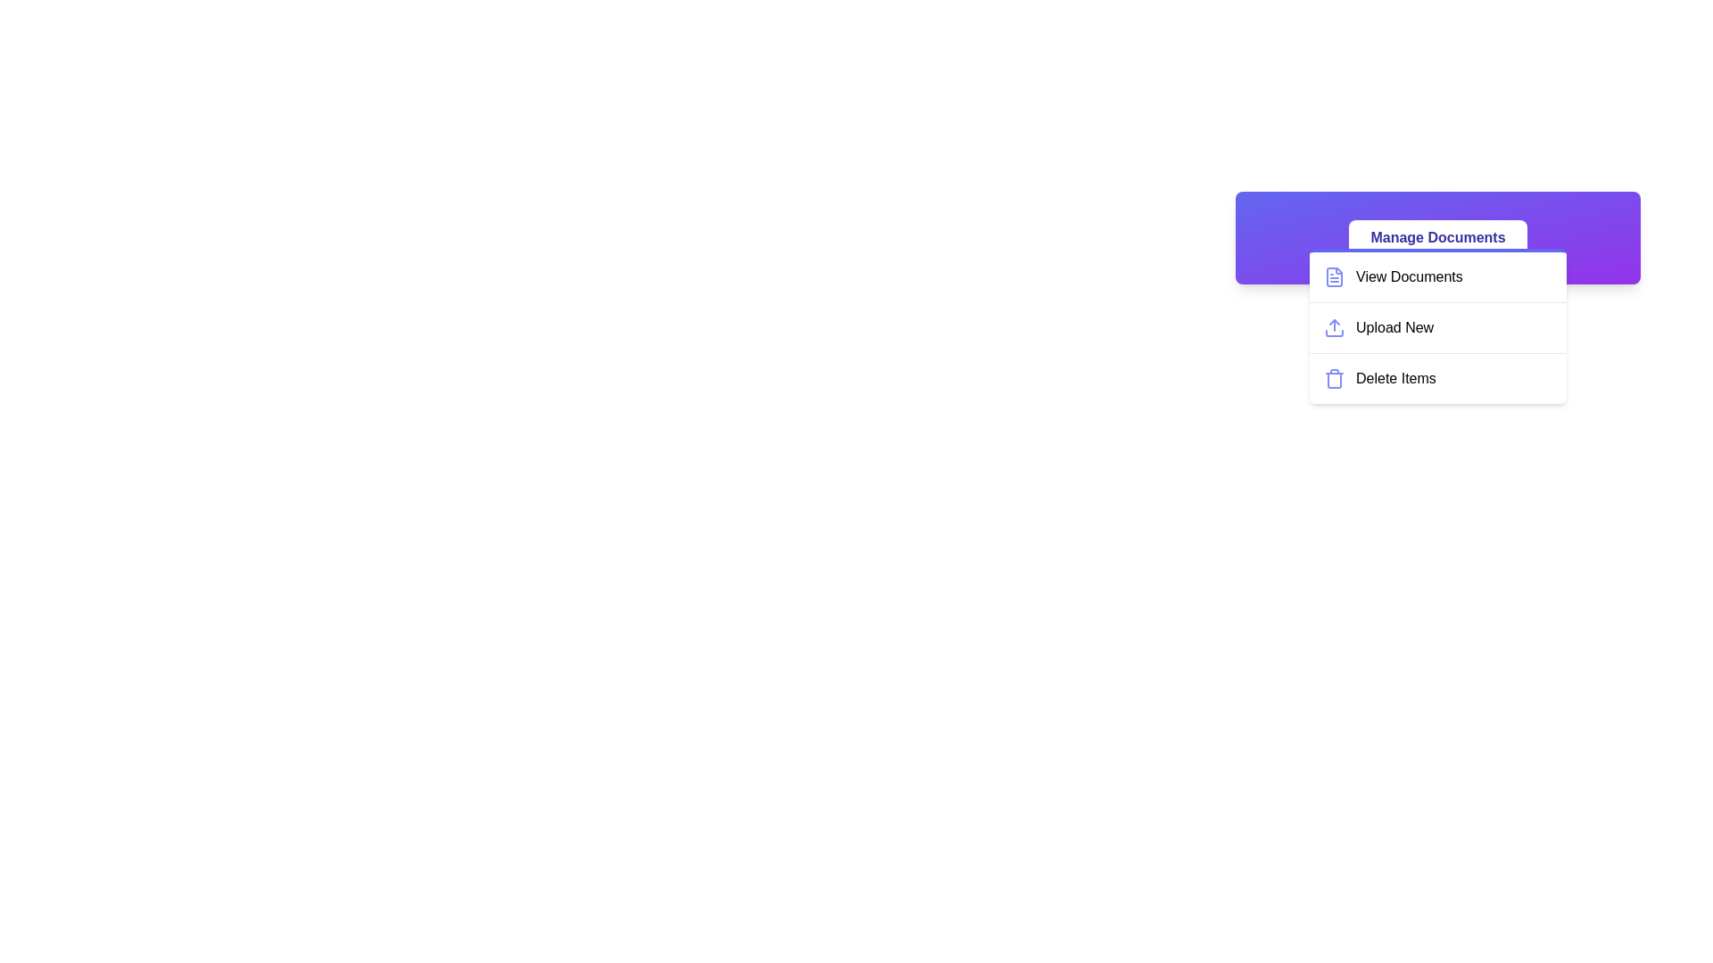  Describe the element at coordinates (1438, 377) in the screenshot. I see `the 'Delete Items' option in the menu` at that location.